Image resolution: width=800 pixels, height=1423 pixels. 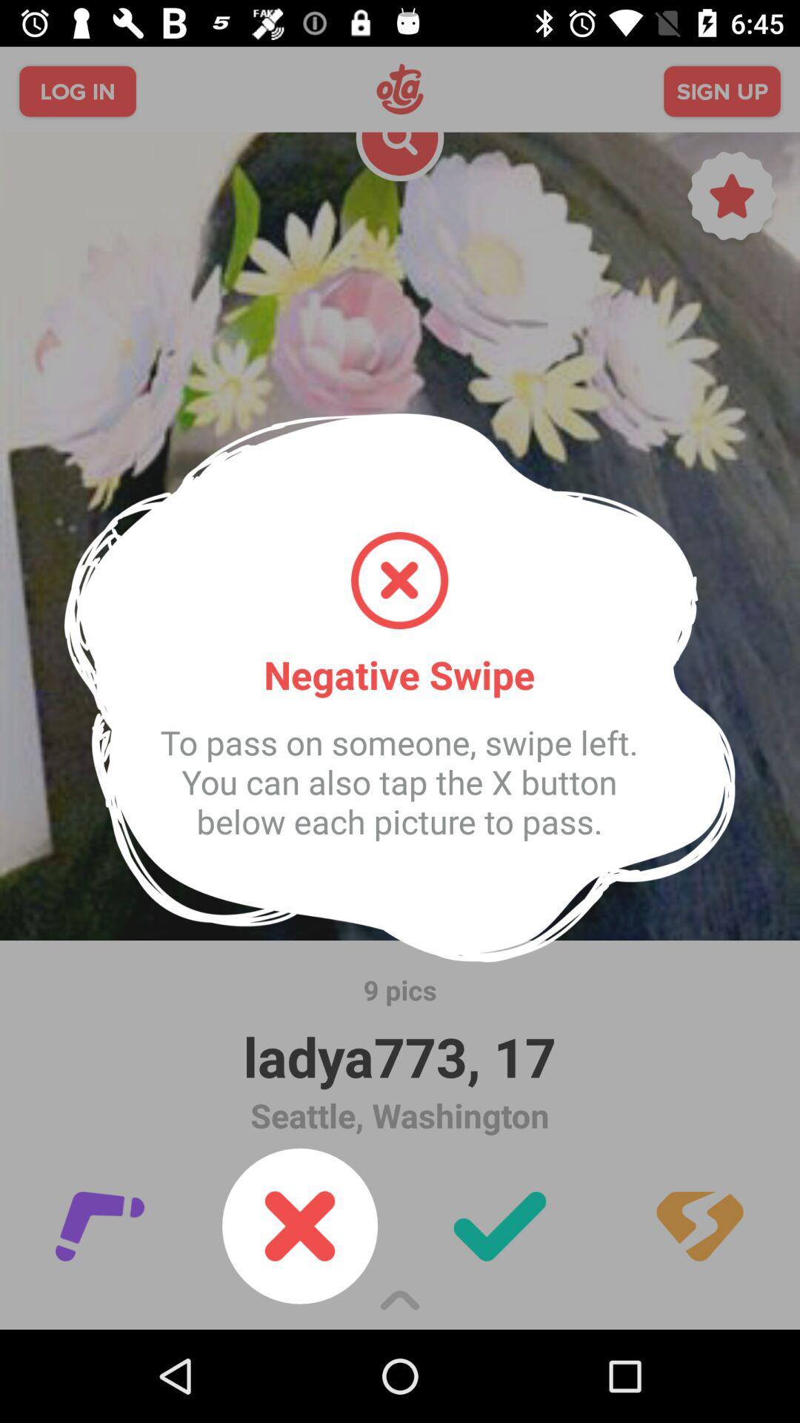 I want to click on the close icon, so click(x=300, y=1225).